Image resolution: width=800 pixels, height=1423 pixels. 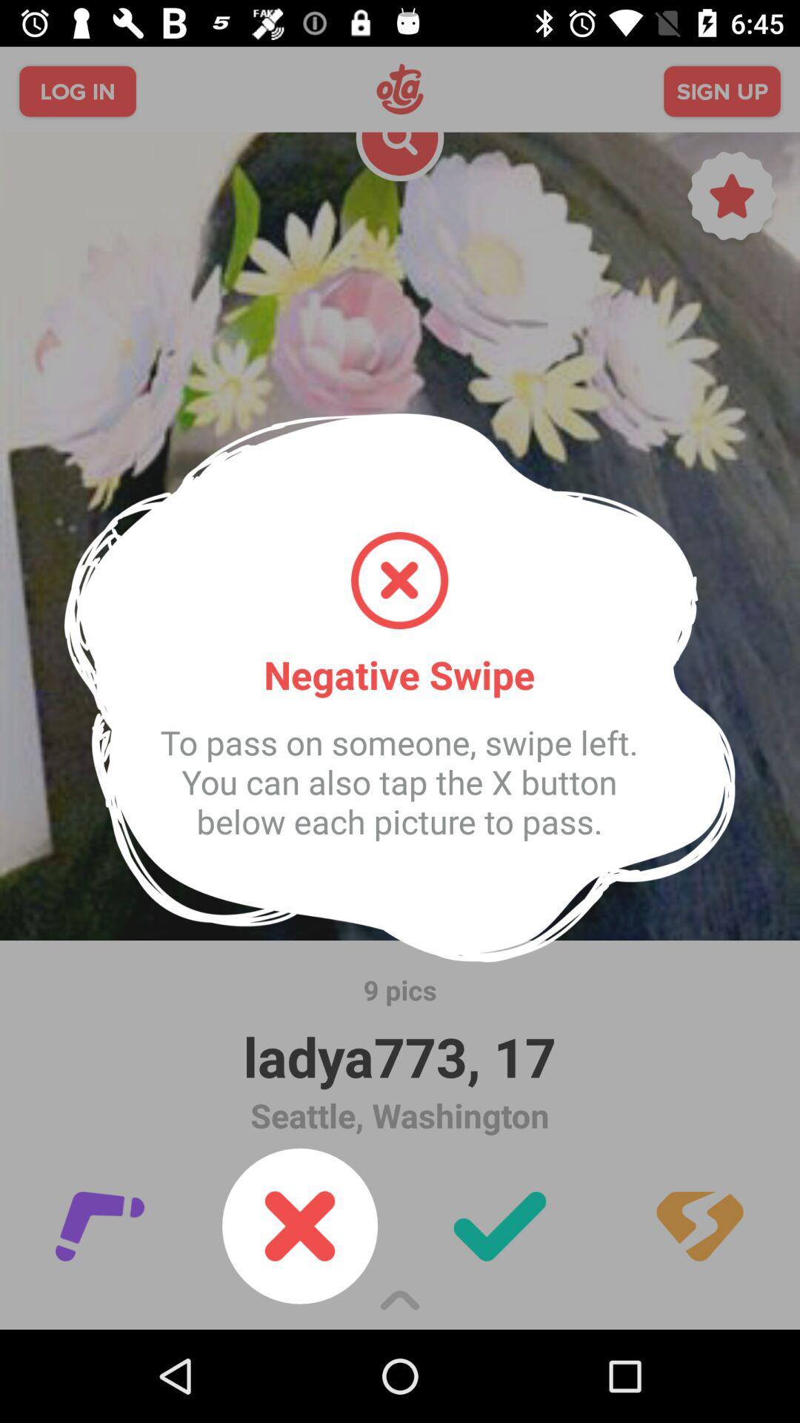 I want to click on the close icon, so click(x=300, y=1225).